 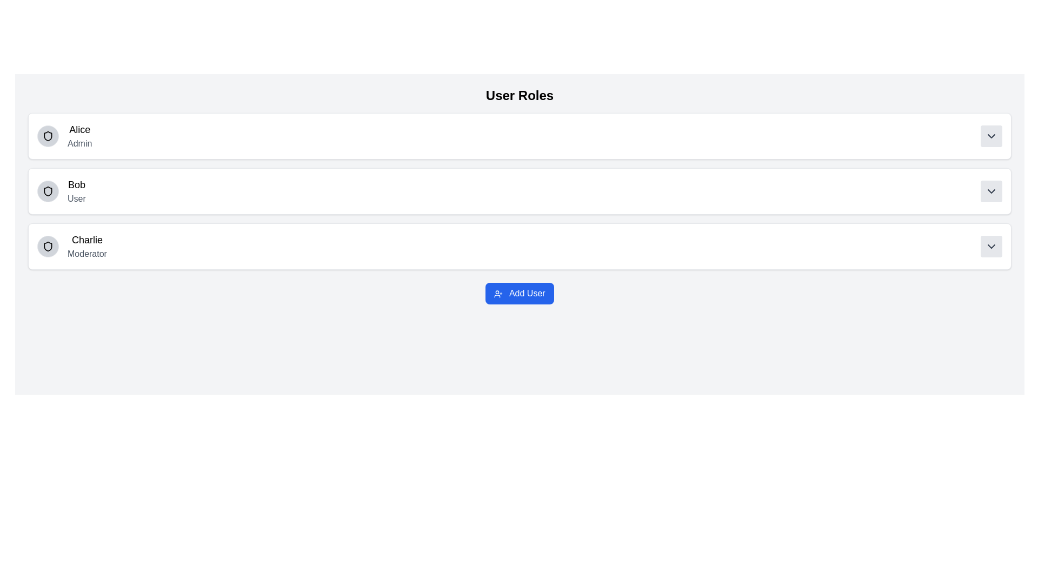 I want to click on the dropdown toggle button for the 'Charlie - Moderator' row, so click(x=991, y=246).